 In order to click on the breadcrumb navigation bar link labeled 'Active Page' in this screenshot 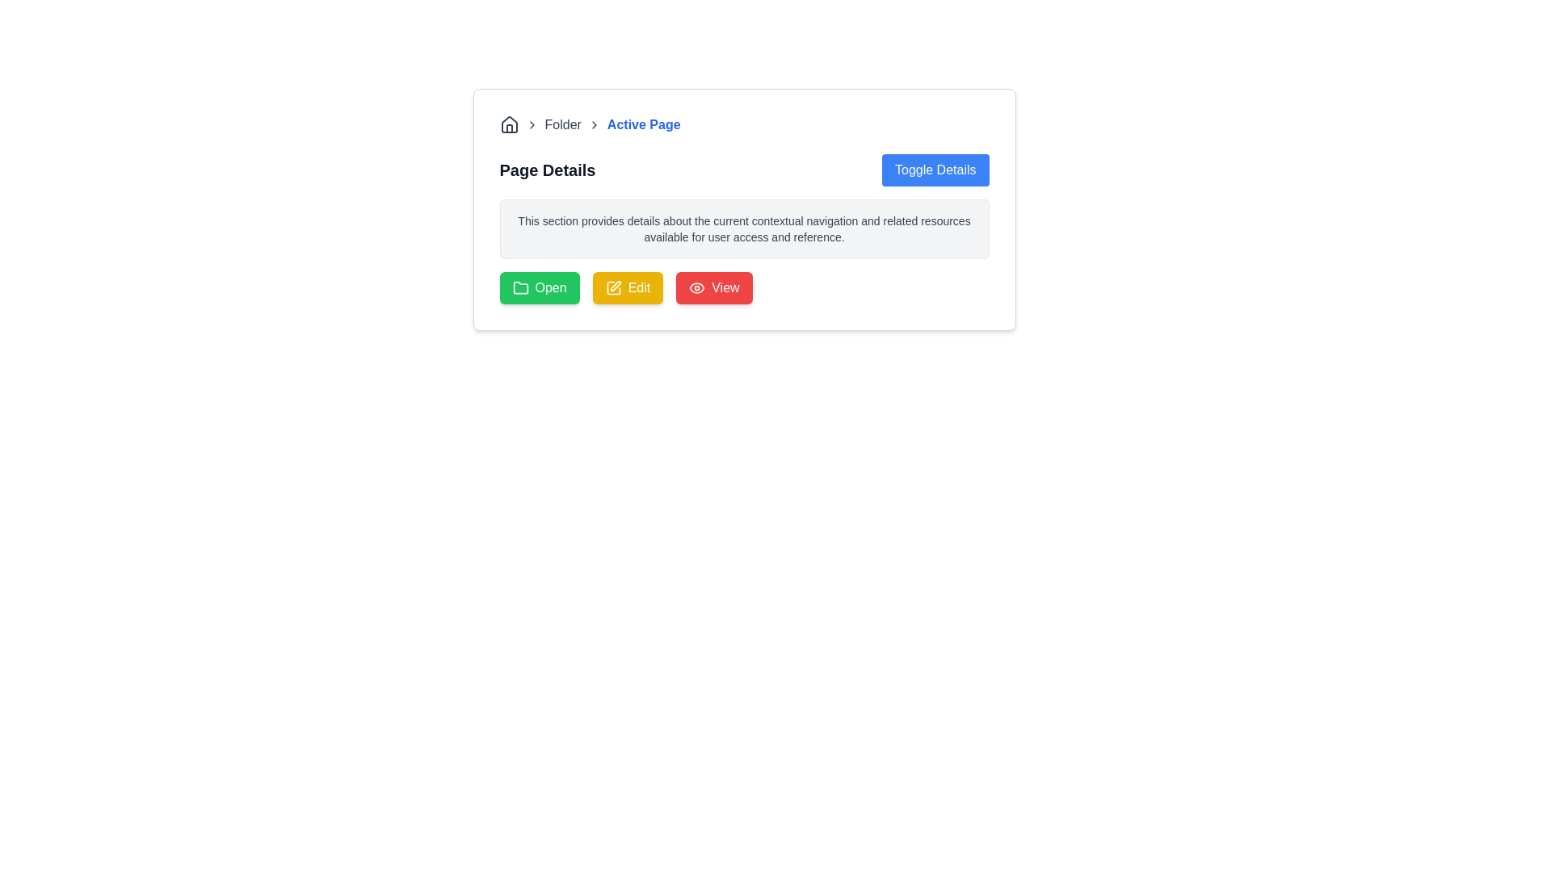, I will do `click(743, 124)`.